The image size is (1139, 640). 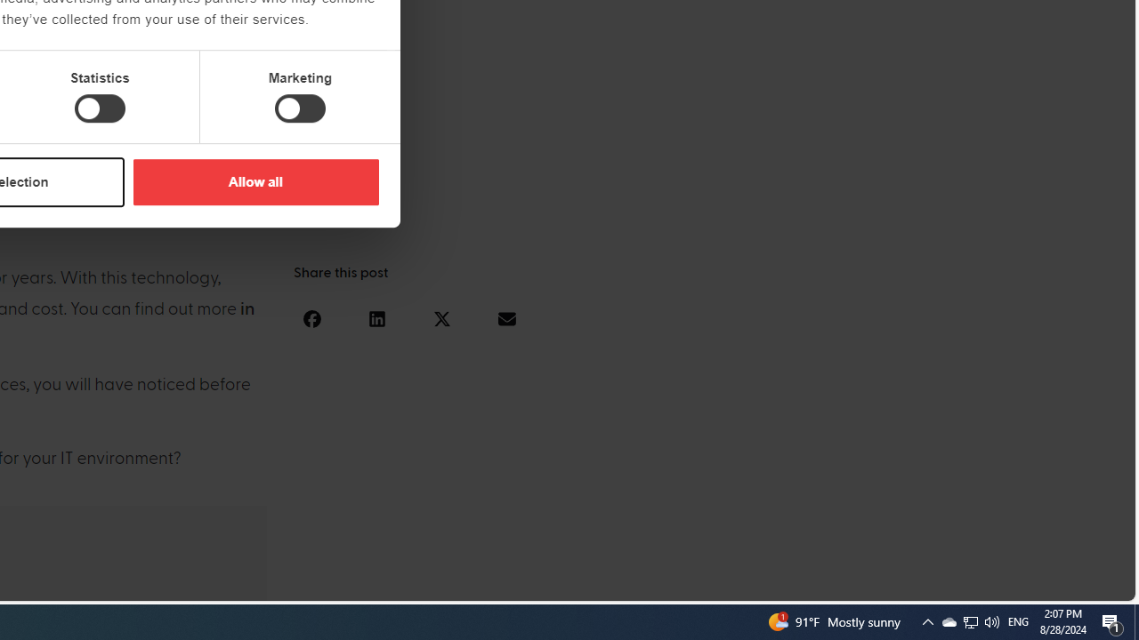 I want to click on 'Language switcher : Slovenian', so click(x=948, y=584).